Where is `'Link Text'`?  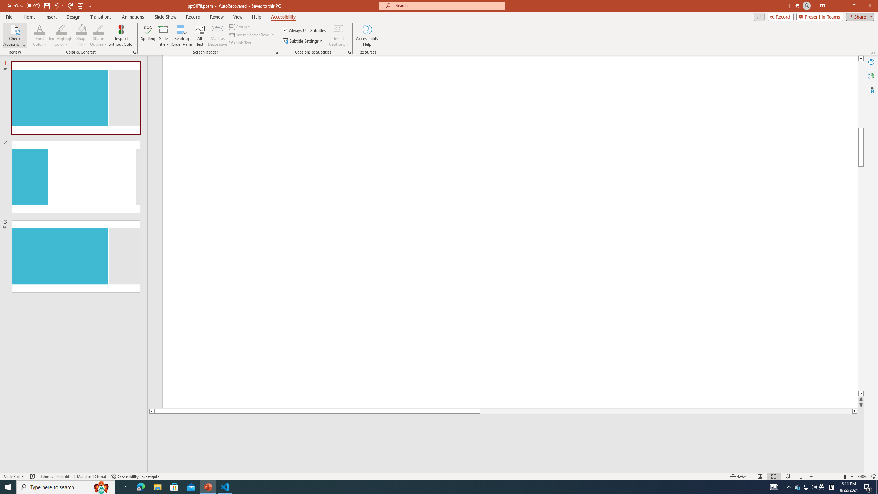
'Link Text' is located at coordinates (240, 42).